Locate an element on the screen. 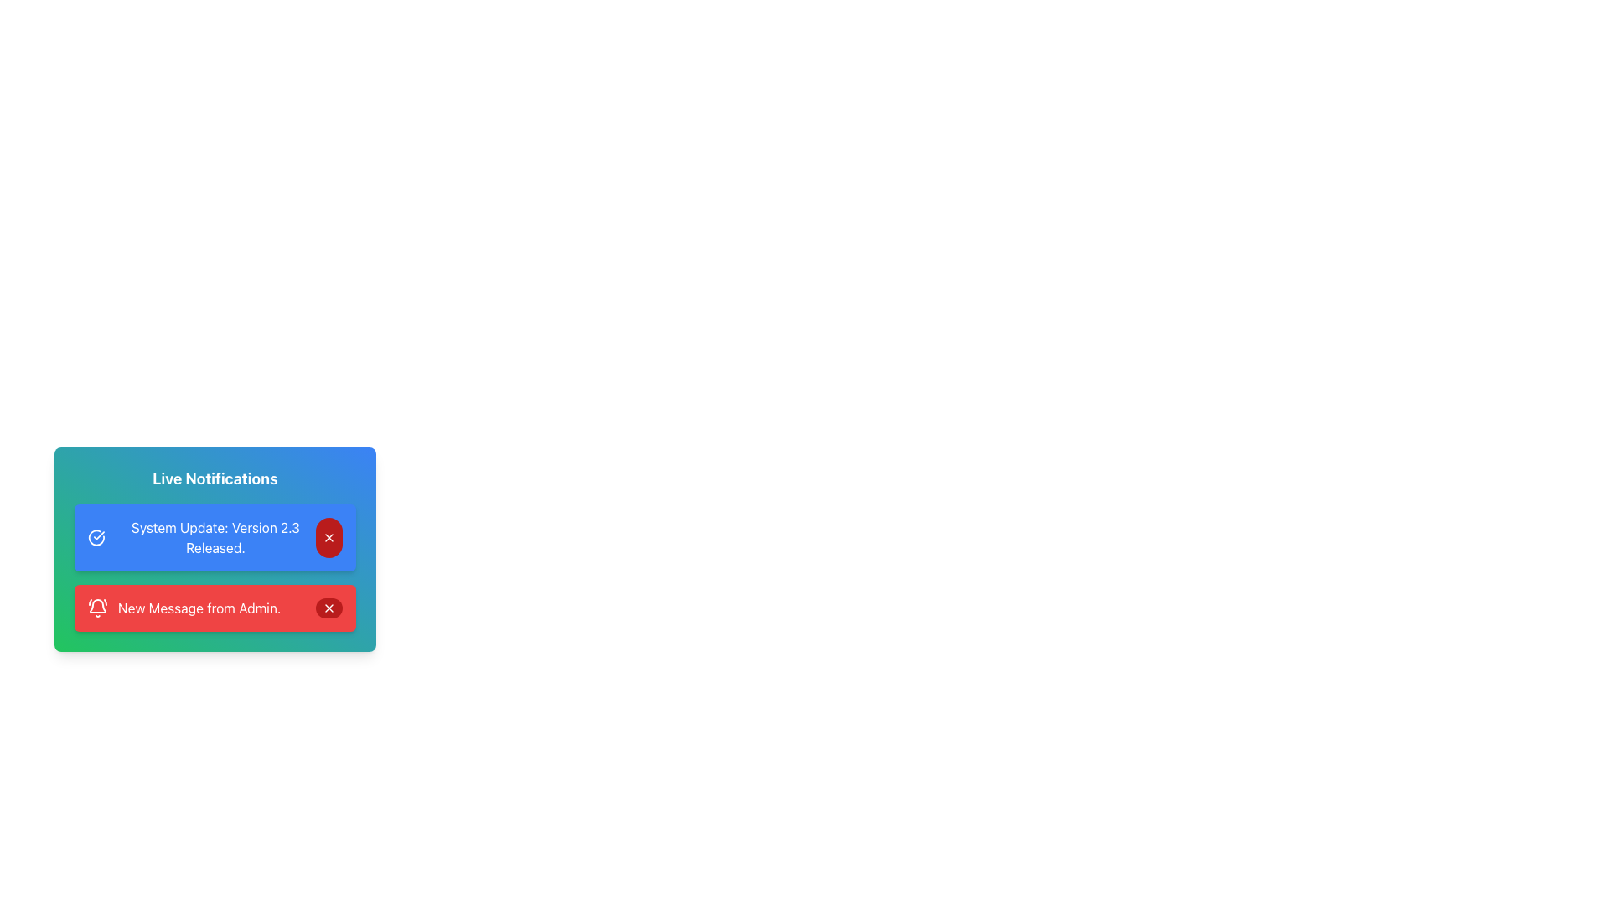 The image size is (1609, 905). the close button located in the top right corner of the notification card that mentions 'System Update: Version 2.3 Released' is located at coordinates (329, 537).